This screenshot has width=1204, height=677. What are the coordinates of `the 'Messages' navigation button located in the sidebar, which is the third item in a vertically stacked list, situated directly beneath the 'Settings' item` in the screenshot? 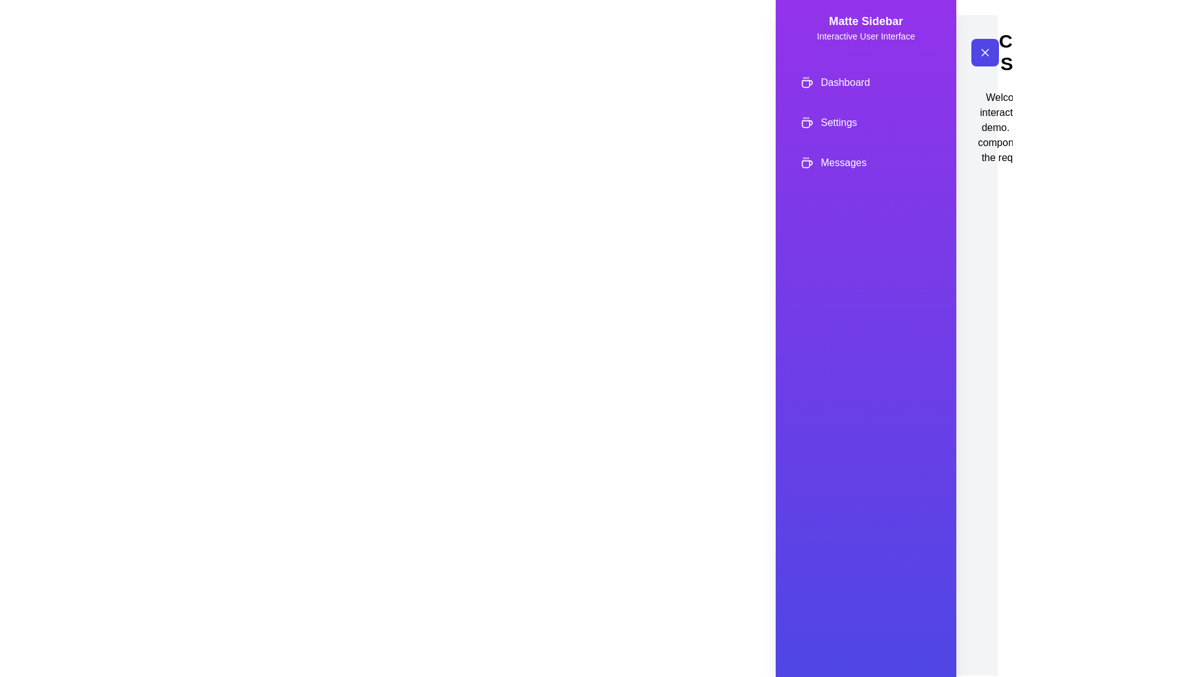 It's located at (865, 162).